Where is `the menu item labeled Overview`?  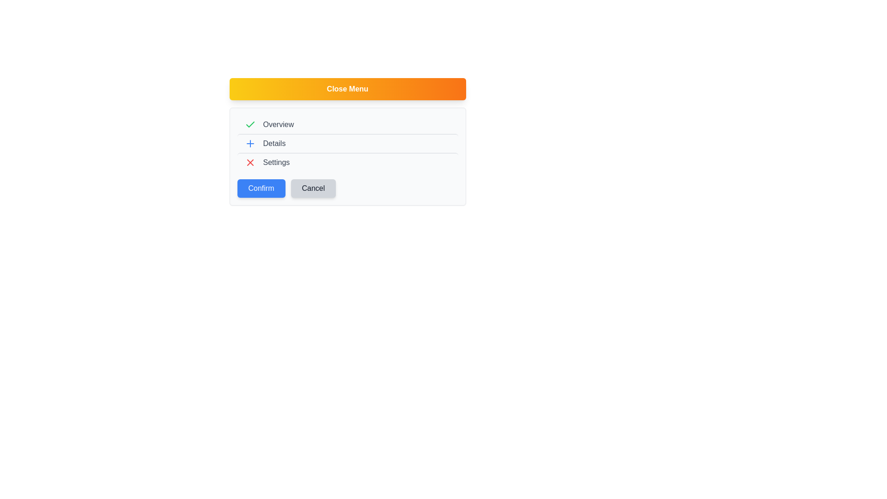 the menu item labeled Overview is located at coordinates (347, 125).